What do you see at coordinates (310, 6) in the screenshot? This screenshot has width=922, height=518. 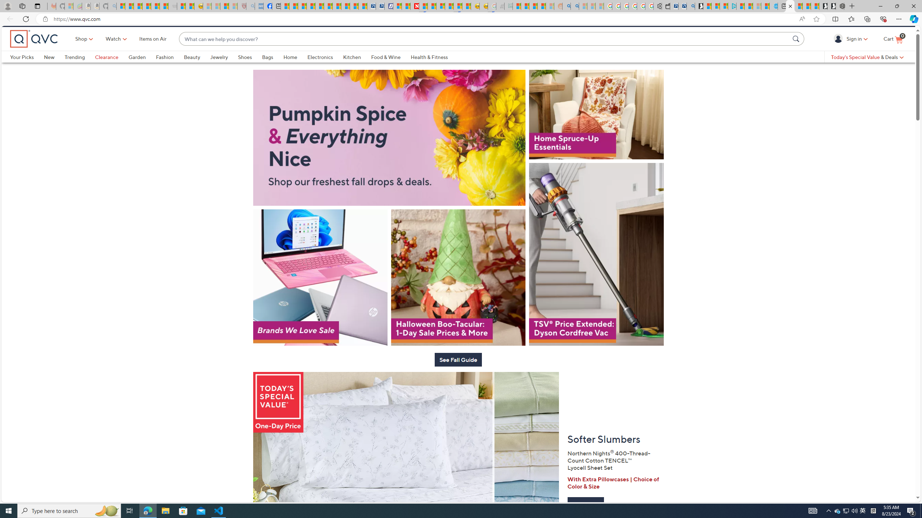 I see `'Climate Damage Becomes Too Severe To Reverse'` at bounding box center [310, 6].